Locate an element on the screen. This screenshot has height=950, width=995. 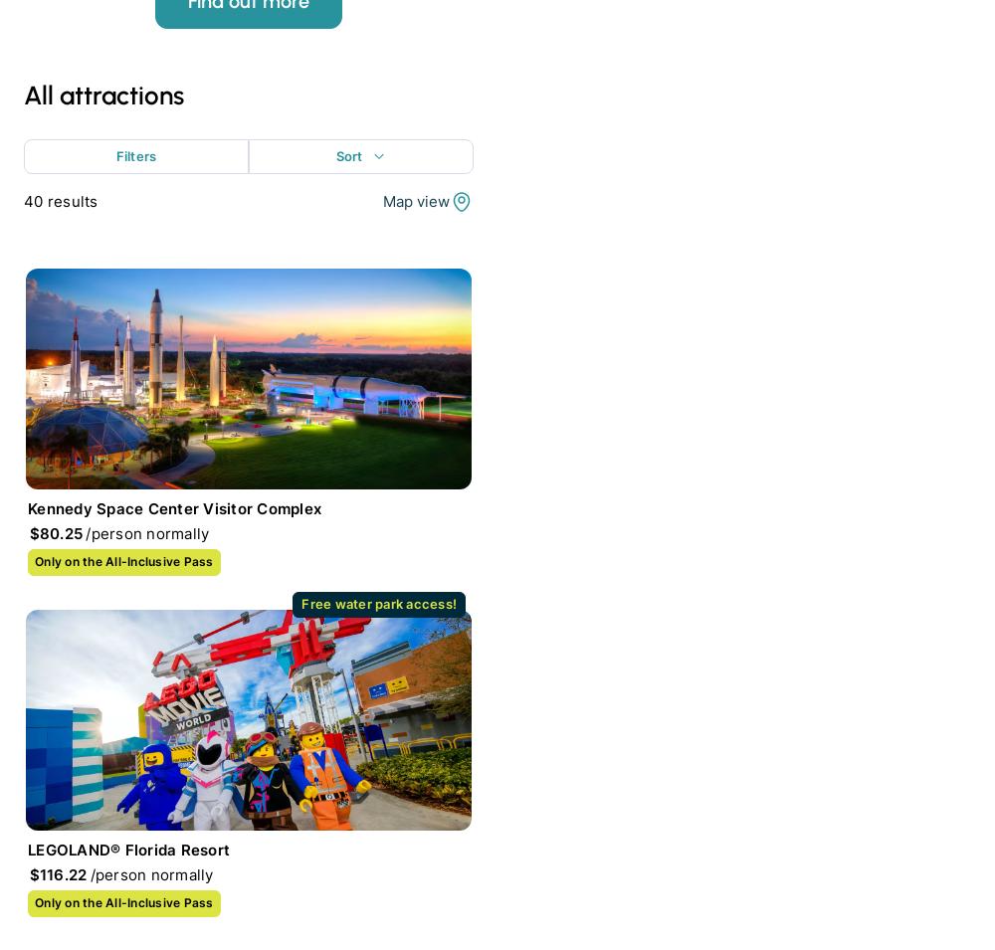
'By signing up, you agree to receiving email updates in accordance with Go City’s' is located at coordinates (228, 432).